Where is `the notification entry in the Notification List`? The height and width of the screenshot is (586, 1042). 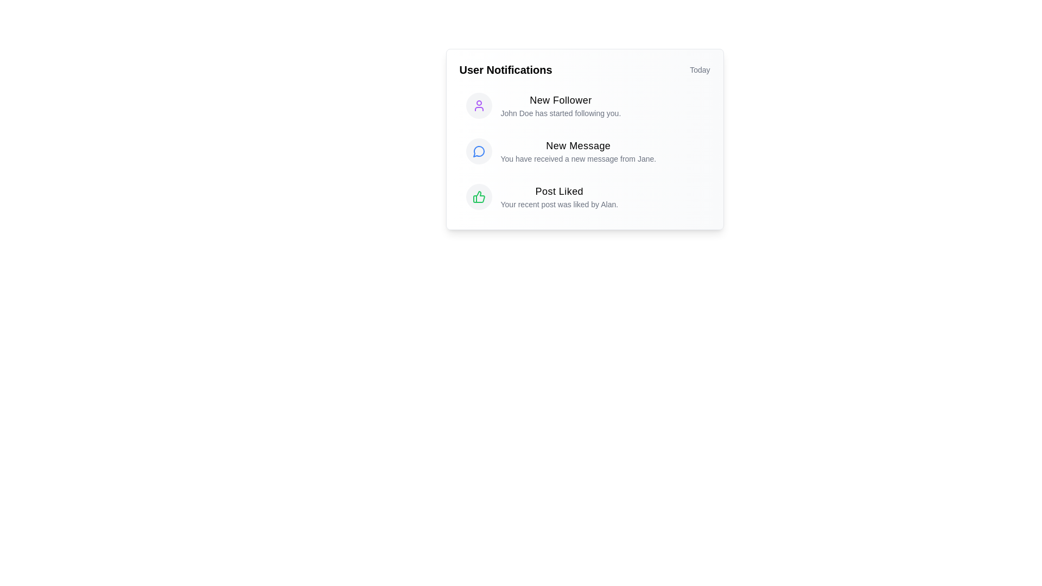
the notification entry in the Notification List is located at coordinates (584, 151).